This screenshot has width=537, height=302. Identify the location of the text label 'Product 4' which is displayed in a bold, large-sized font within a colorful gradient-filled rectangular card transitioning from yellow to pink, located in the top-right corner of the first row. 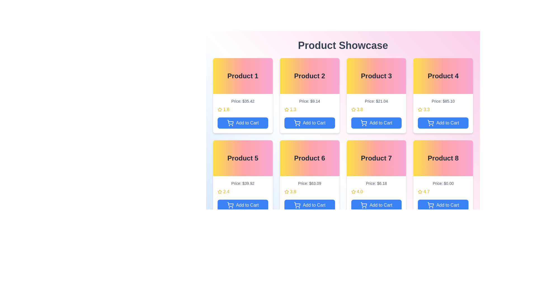
(443, 76).